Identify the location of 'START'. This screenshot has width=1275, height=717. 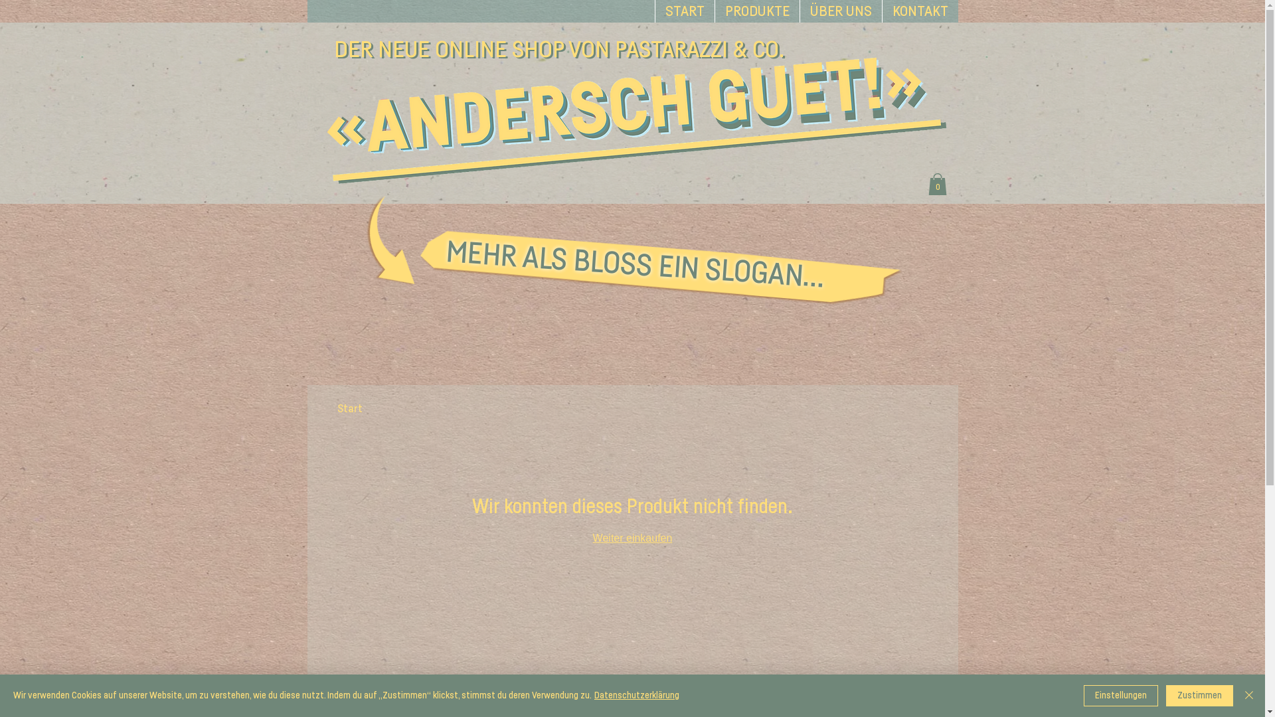
(685, 11).